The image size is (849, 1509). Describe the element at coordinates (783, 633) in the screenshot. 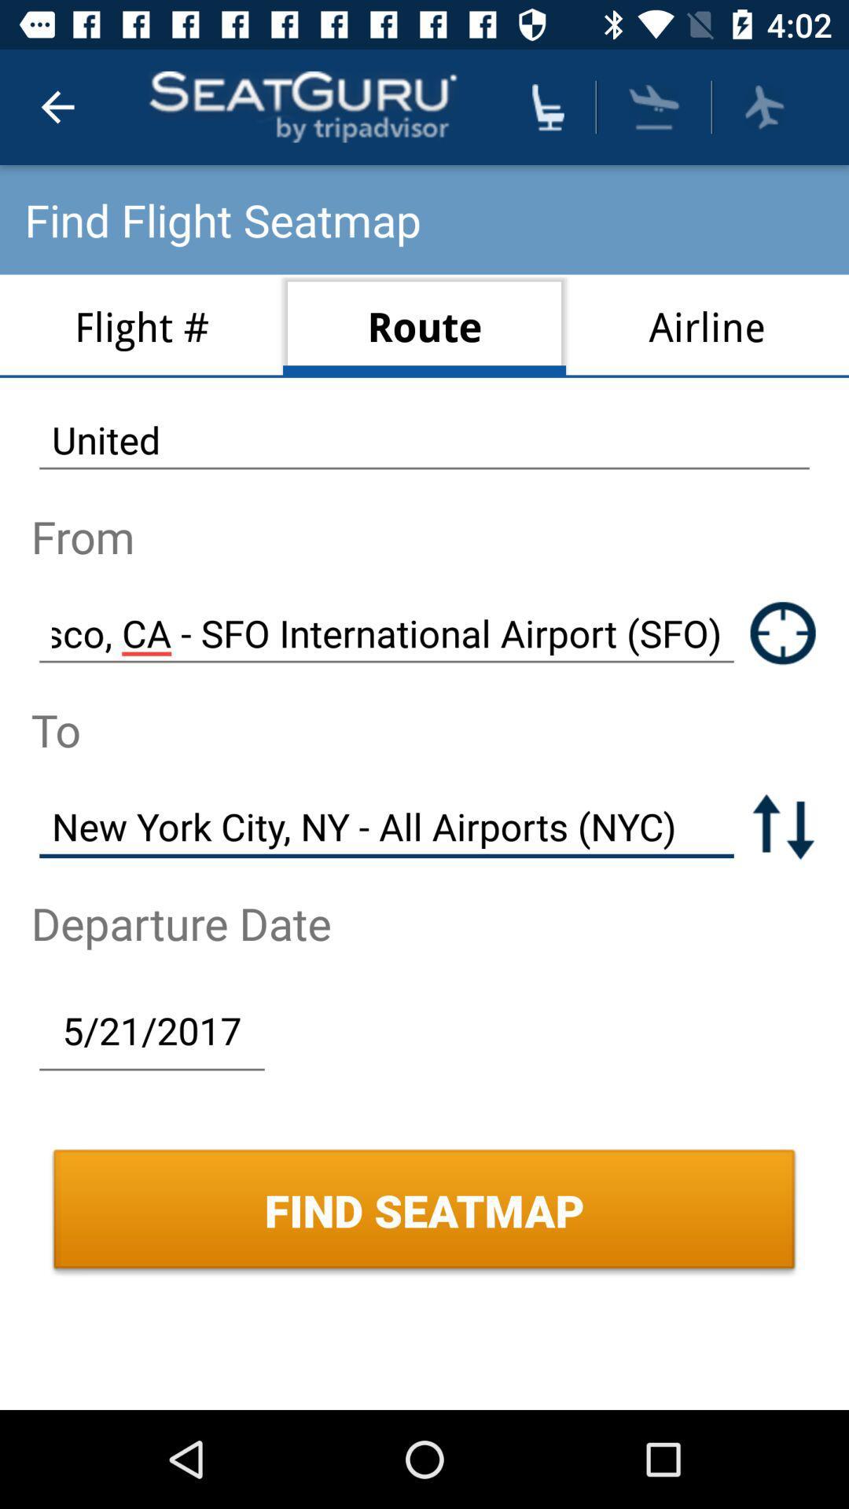

I see `share location` at that location.